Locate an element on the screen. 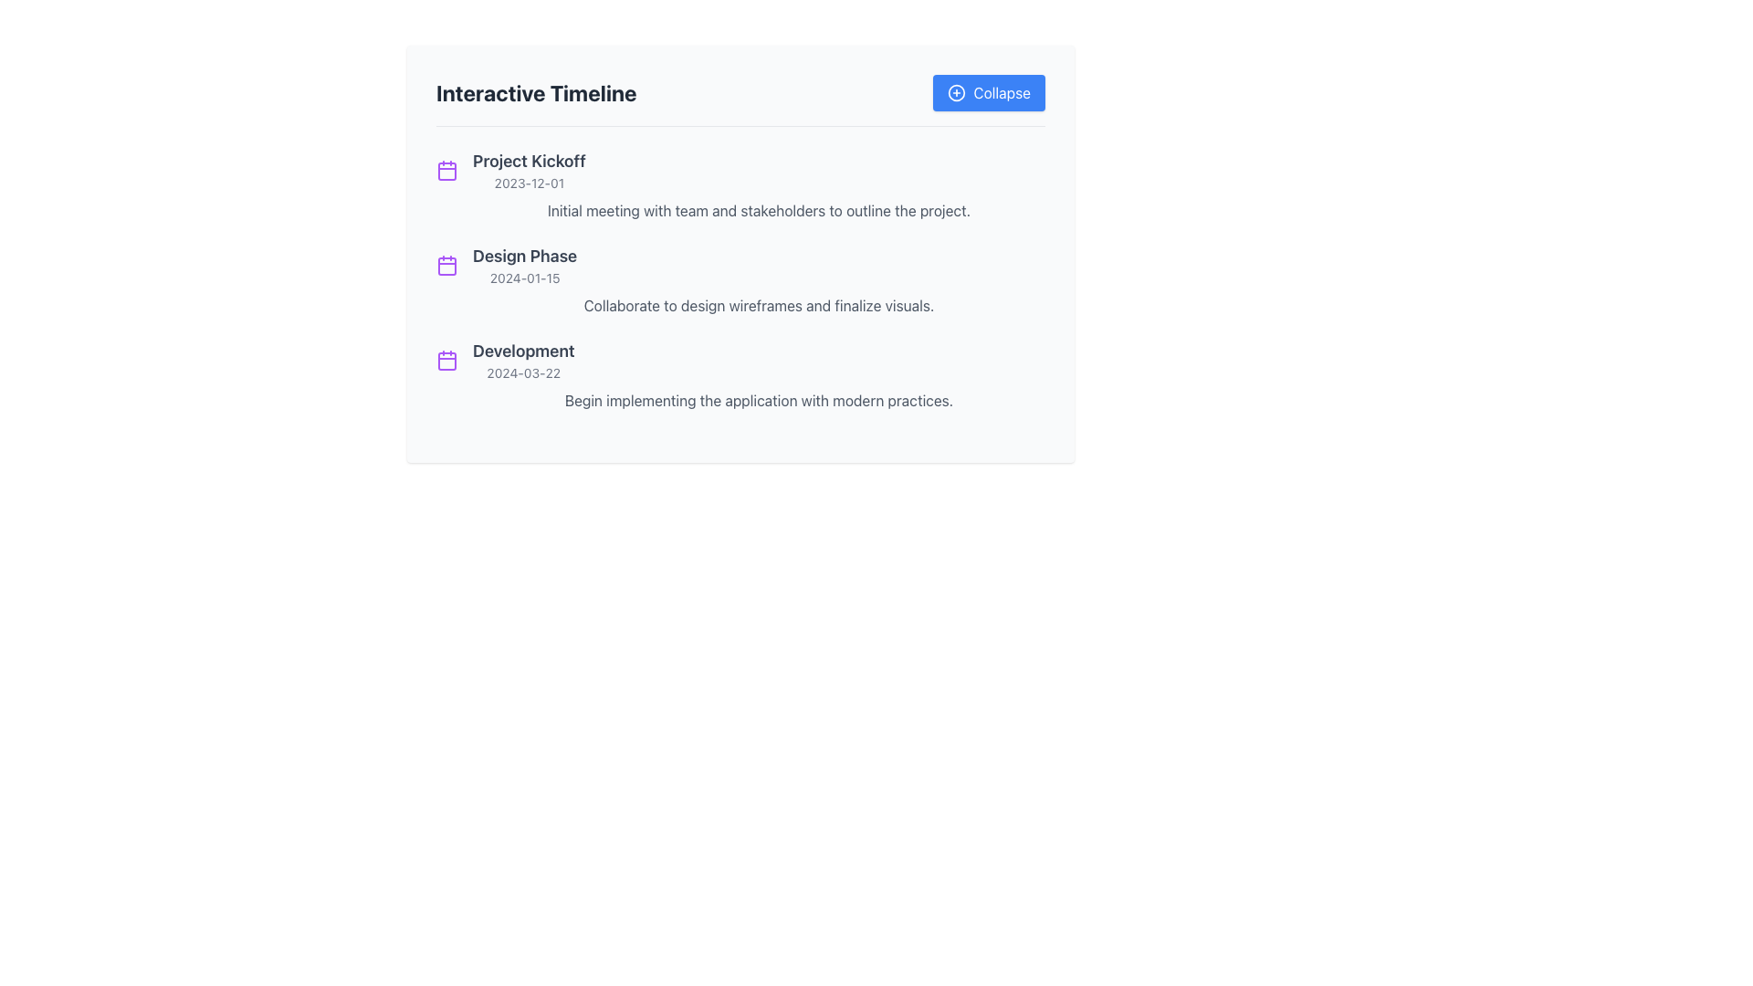  text element titled 'Project Kickoff' which includes the date '2023-12-01' for event understanding is located at coordinates (528, 170).